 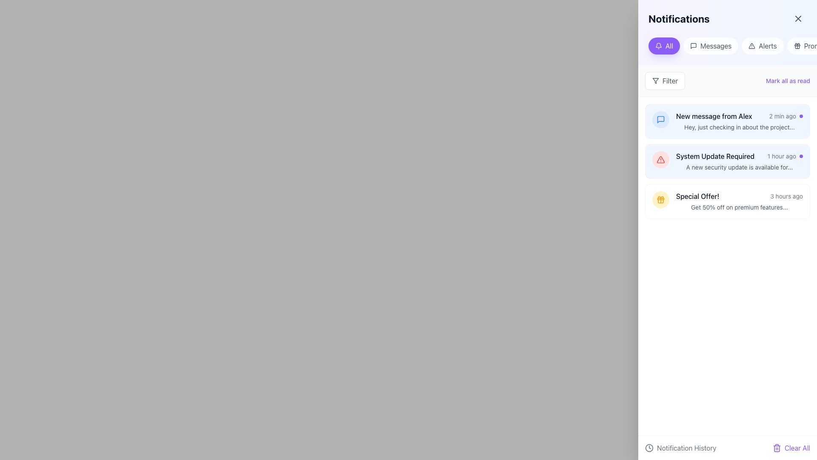 What do you see at coordinates (680, 448) in the screenshot?
I see `the button for accessing historical notifications located at the lower-left corner of the notification sidebar to change its color` at bounding box center [680, 448].